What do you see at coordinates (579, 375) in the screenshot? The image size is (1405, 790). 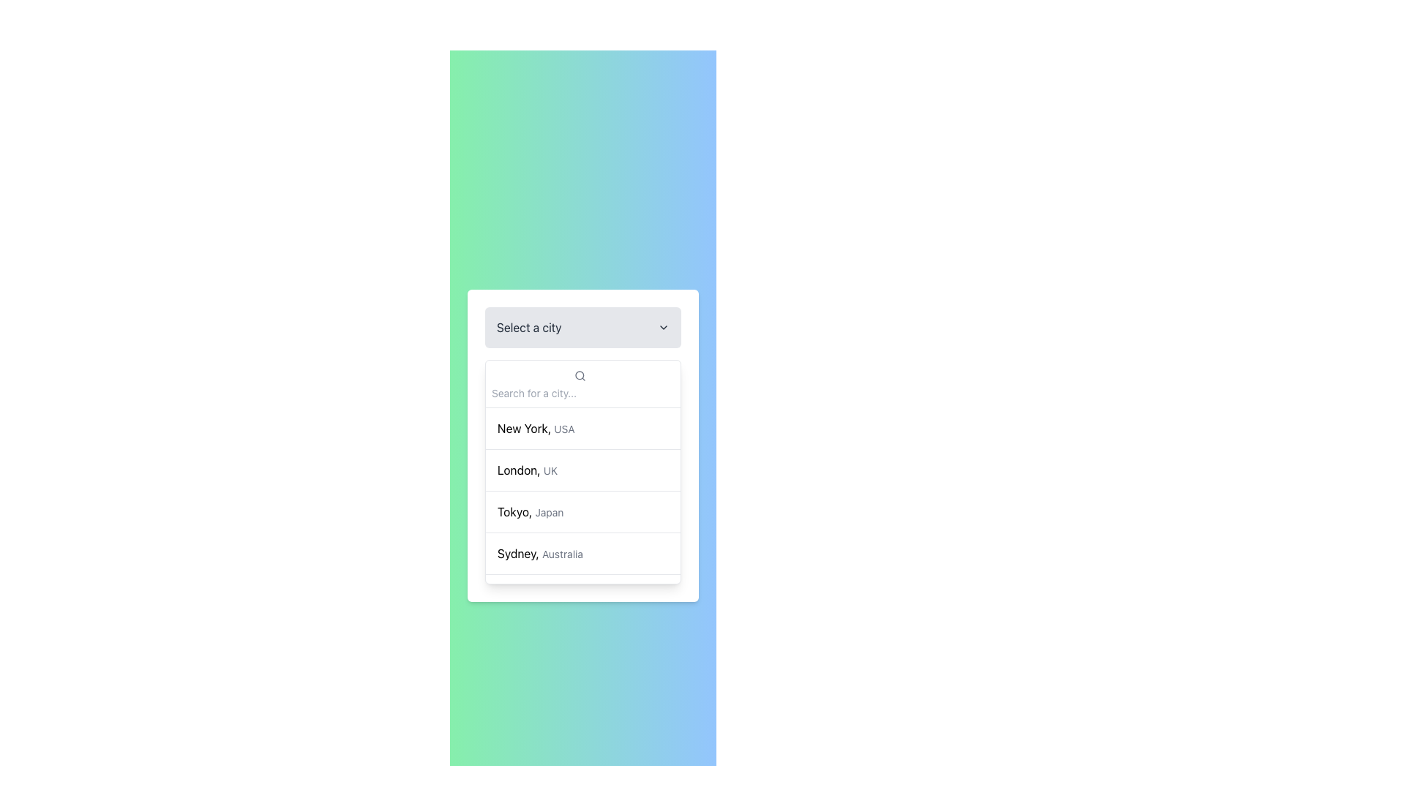 I see `the circular graphical element of the magnifying glass icon associated with the search feature, positioned to the left of the input field labeled 'Search for a city...'` at bounding box center [579, 375].